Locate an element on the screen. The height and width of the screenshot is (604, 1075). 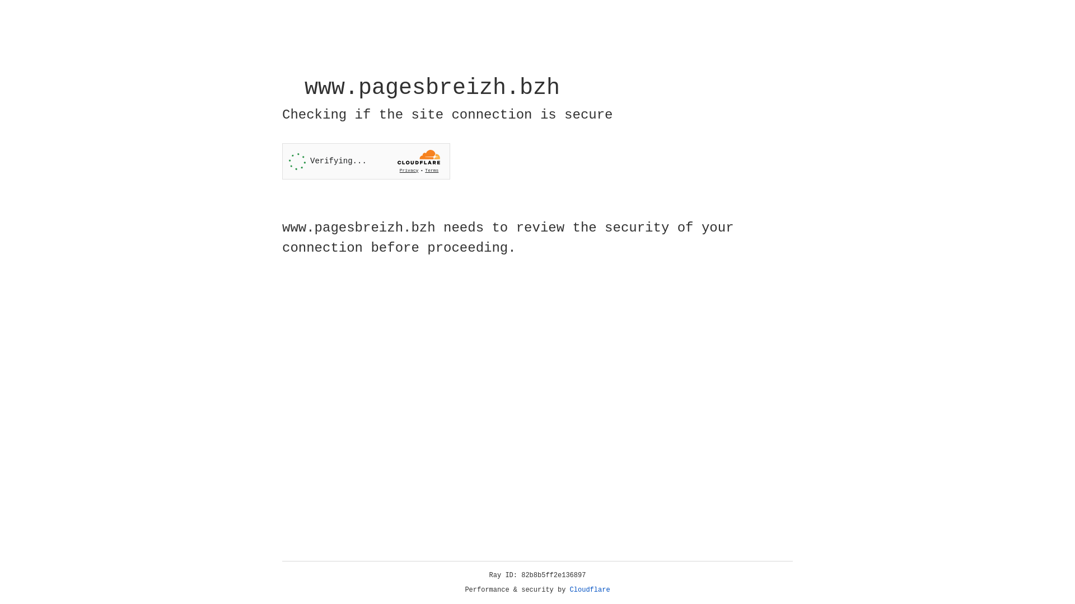
'Widget containing a Cloudflare security challenge' is located at coordinates (366, 161).